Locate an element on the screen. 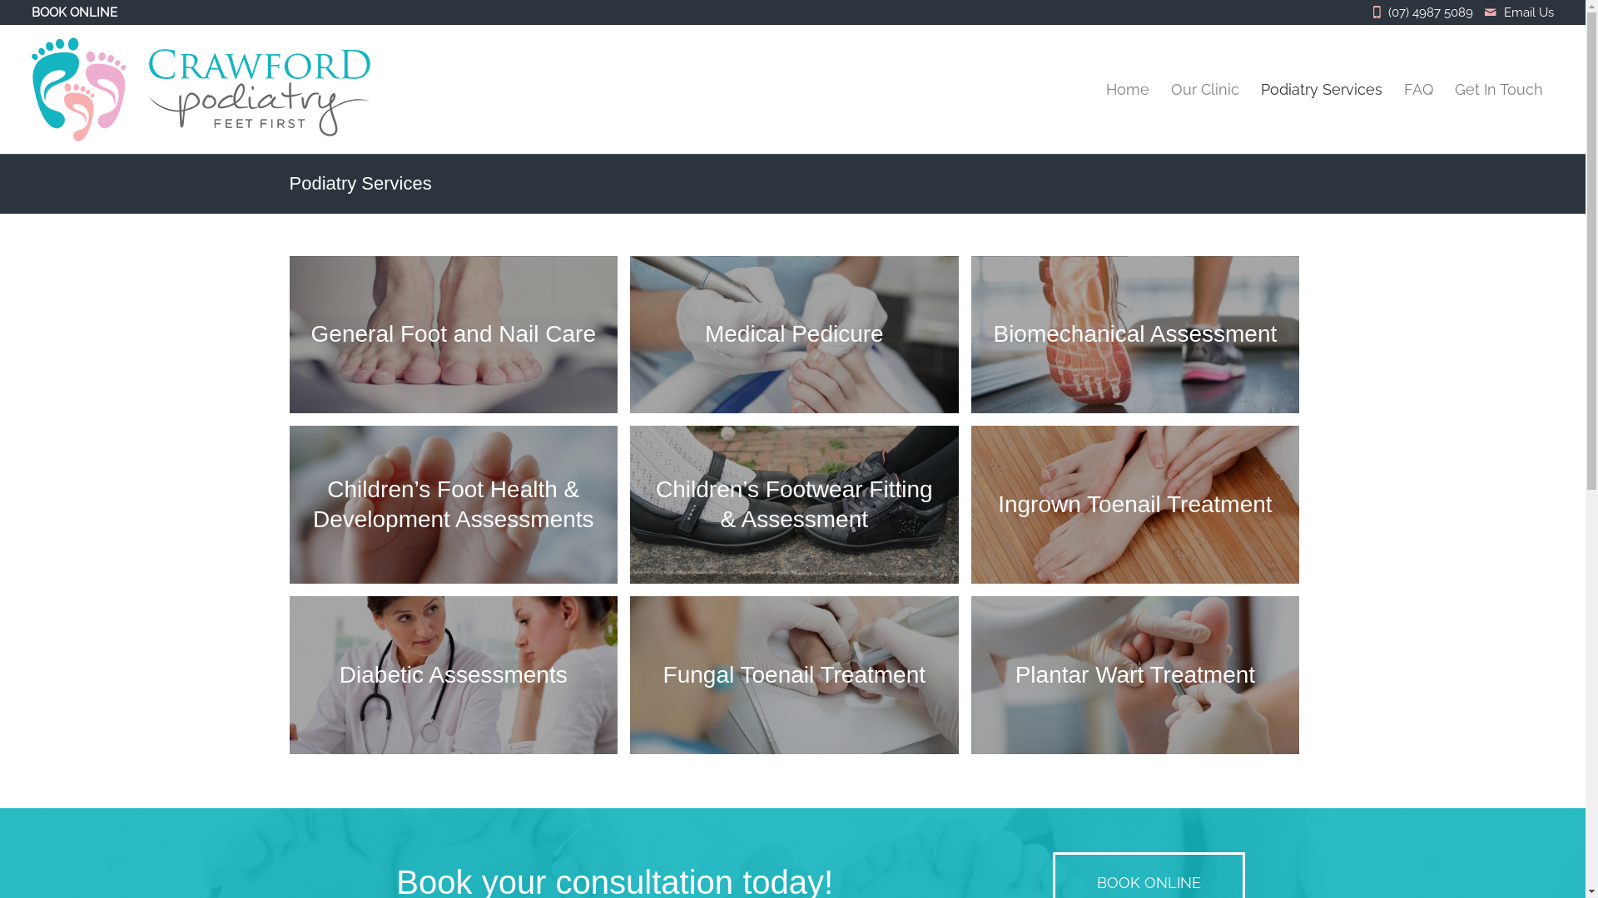  'Biomechanical Assessment' is located at coordinates (1141, 340).